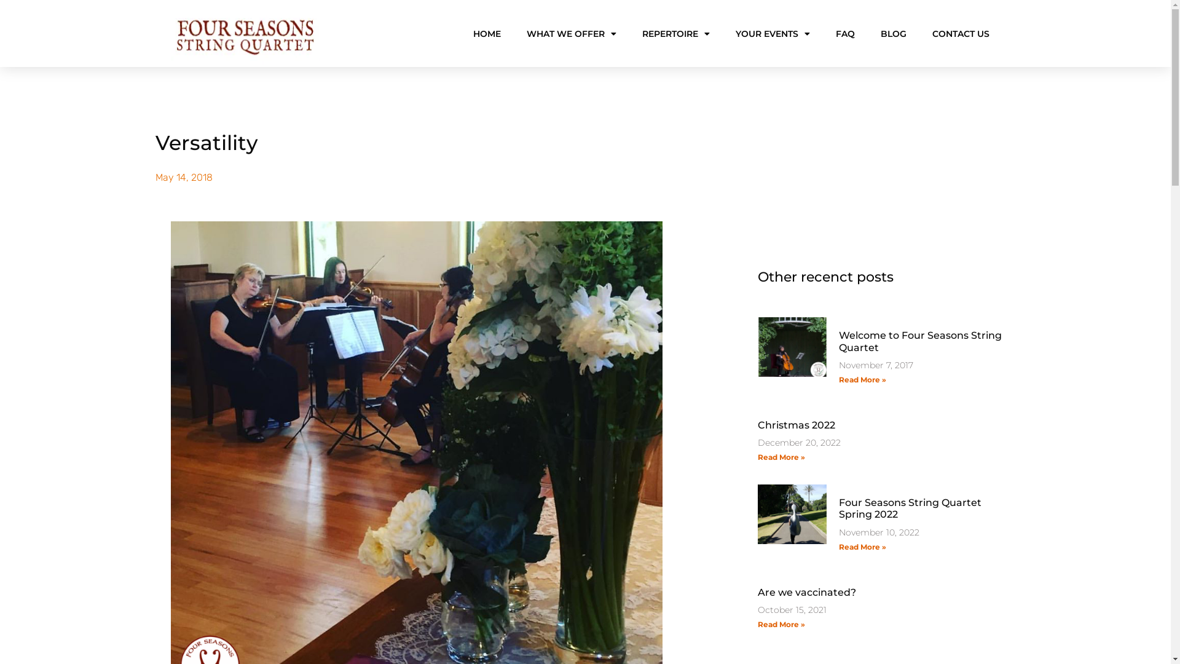 This screenshot has width=1180, height=664. I want to click on 'CONTACT US', so click(959, 33).